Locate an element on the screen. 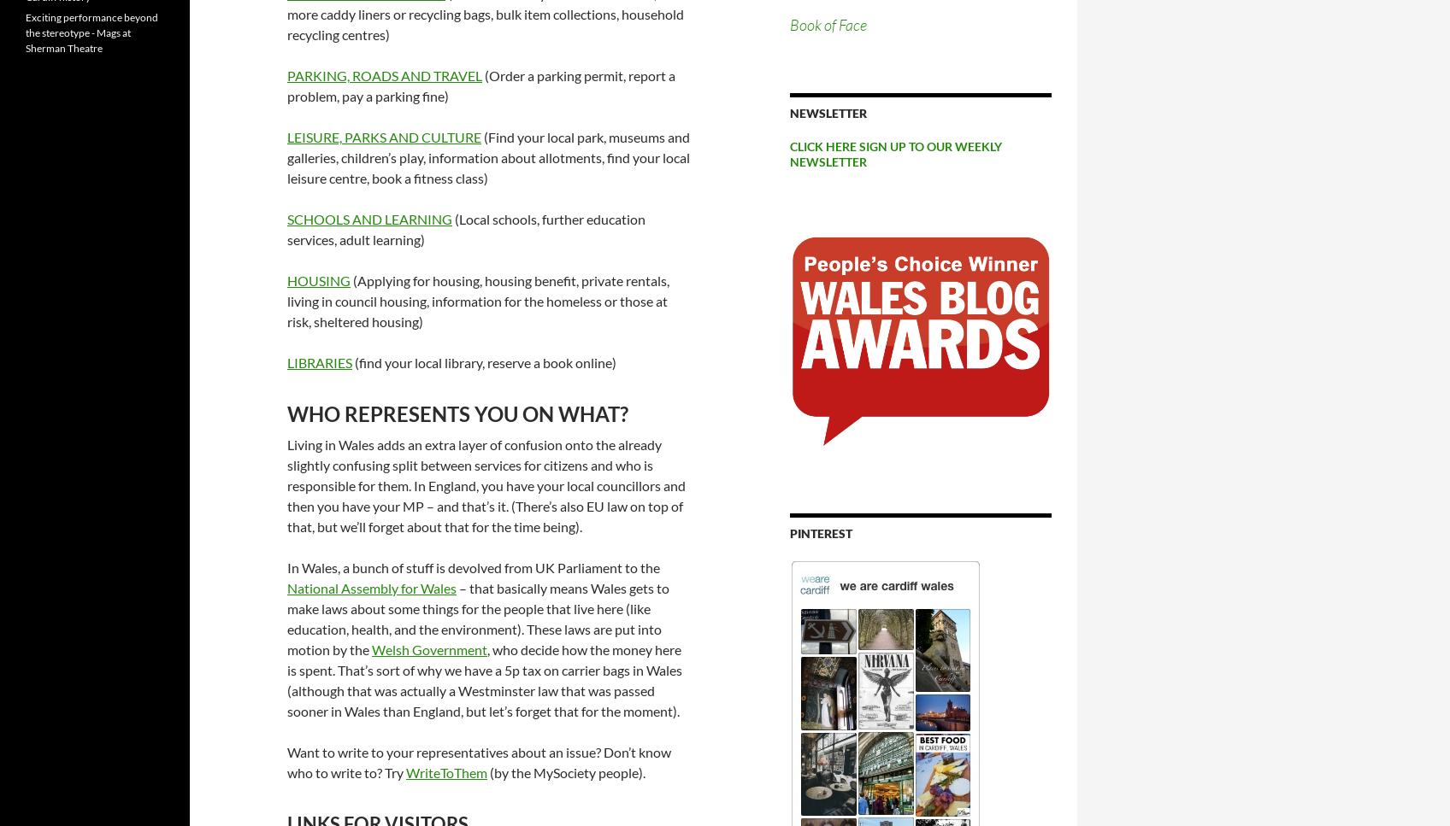 This screenshot has height=826, width=1450. 'National Assembly for Wales' is located at coordinates (372, 587).